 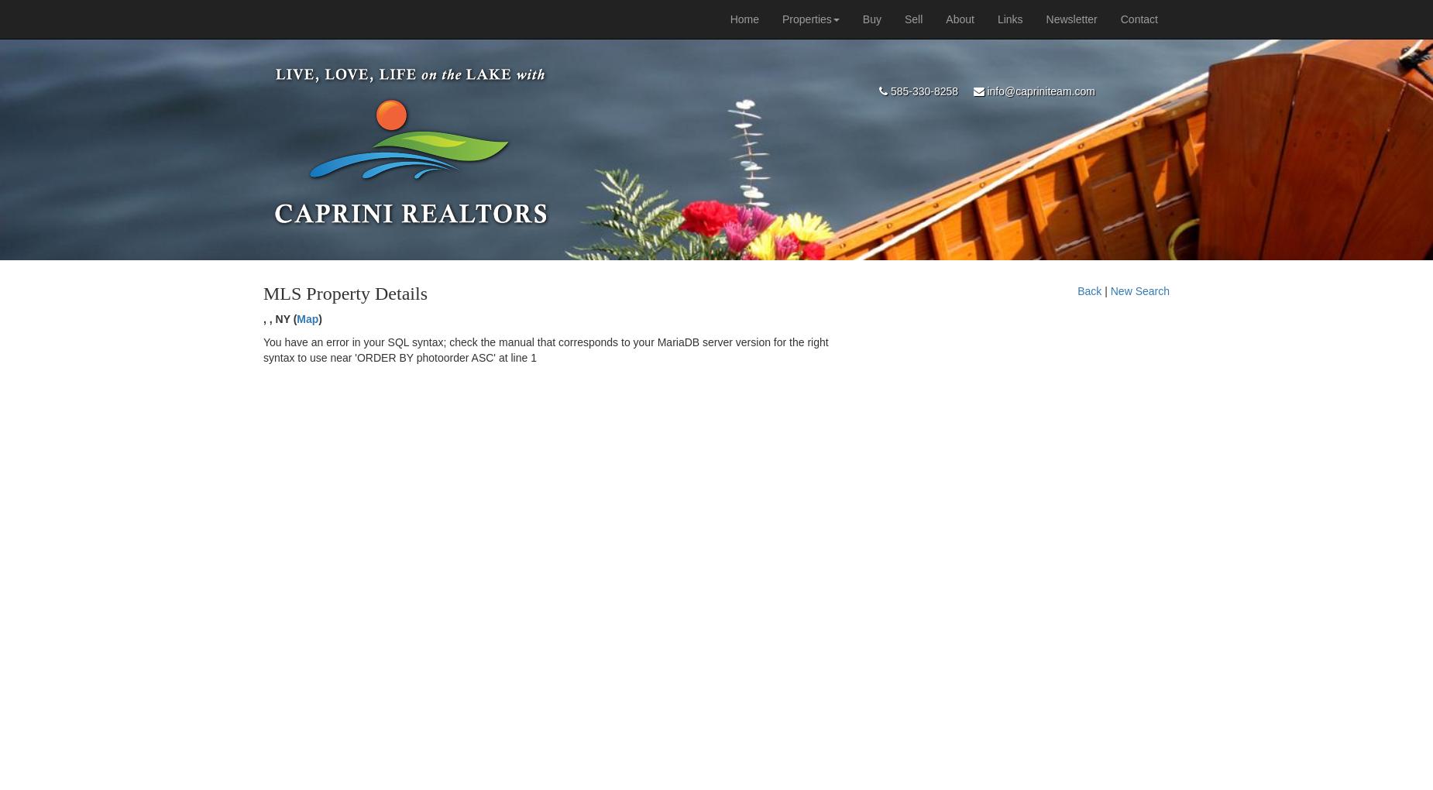 What do you see at coordinates (1038, 91) in the screenshot?
I see `'info@capriniteam.com'` at bounding box center [1038, 91].